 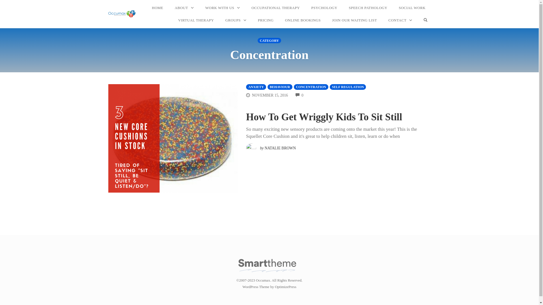 I want to click on 'GROUPS', so click(x=222, y=20).